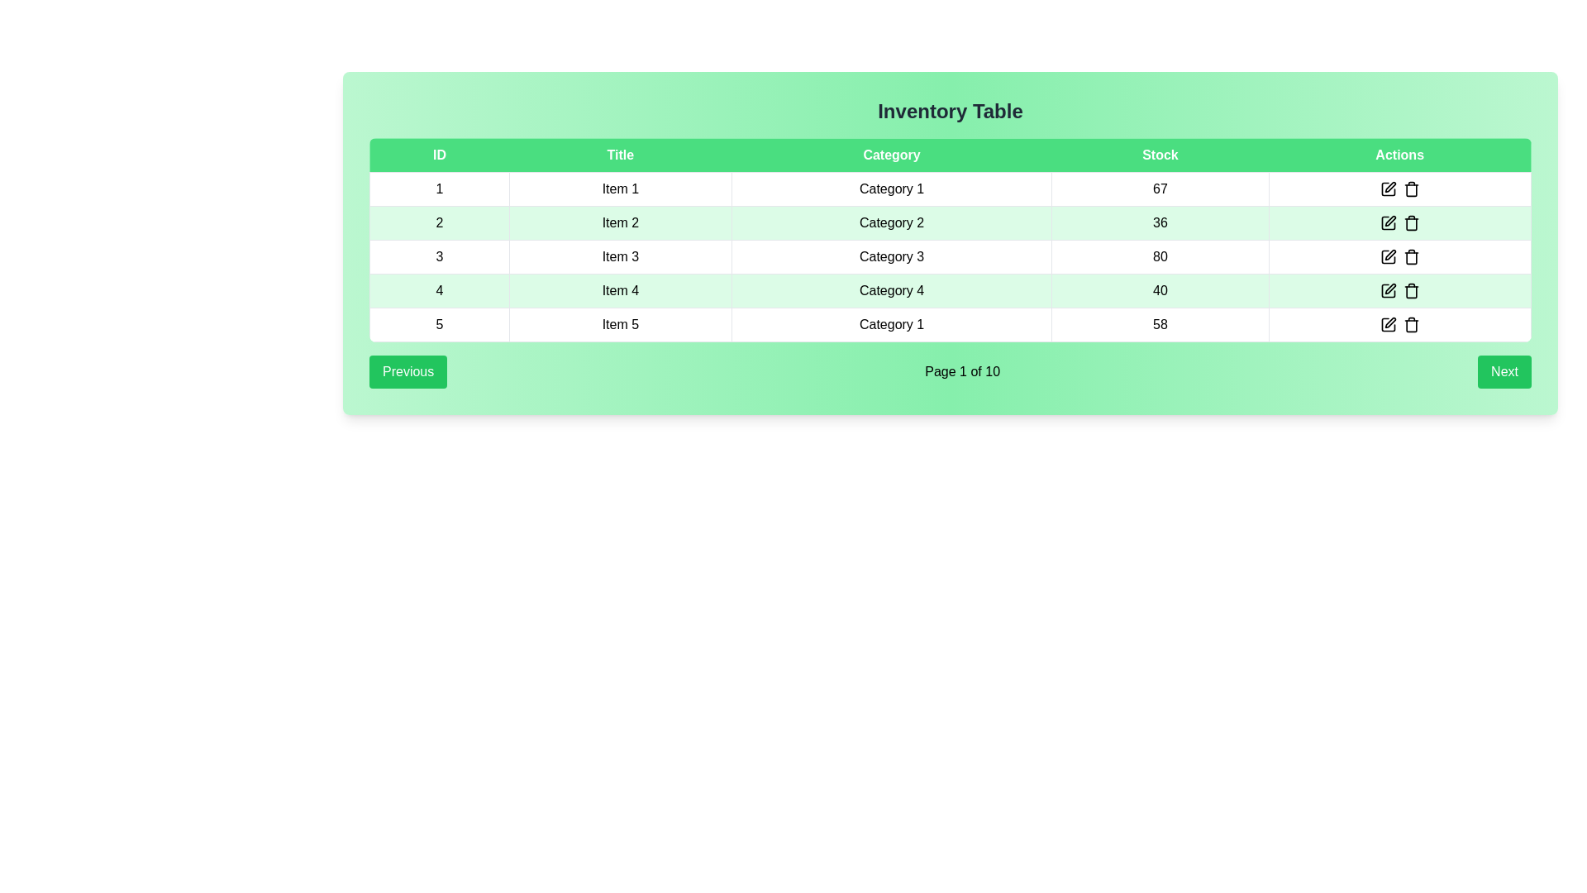 This screenshot has height=893, width=1587. I want to click on the text cell in the third column of the first row of the table, which indicates a category for the associated row, so click(891, 188).